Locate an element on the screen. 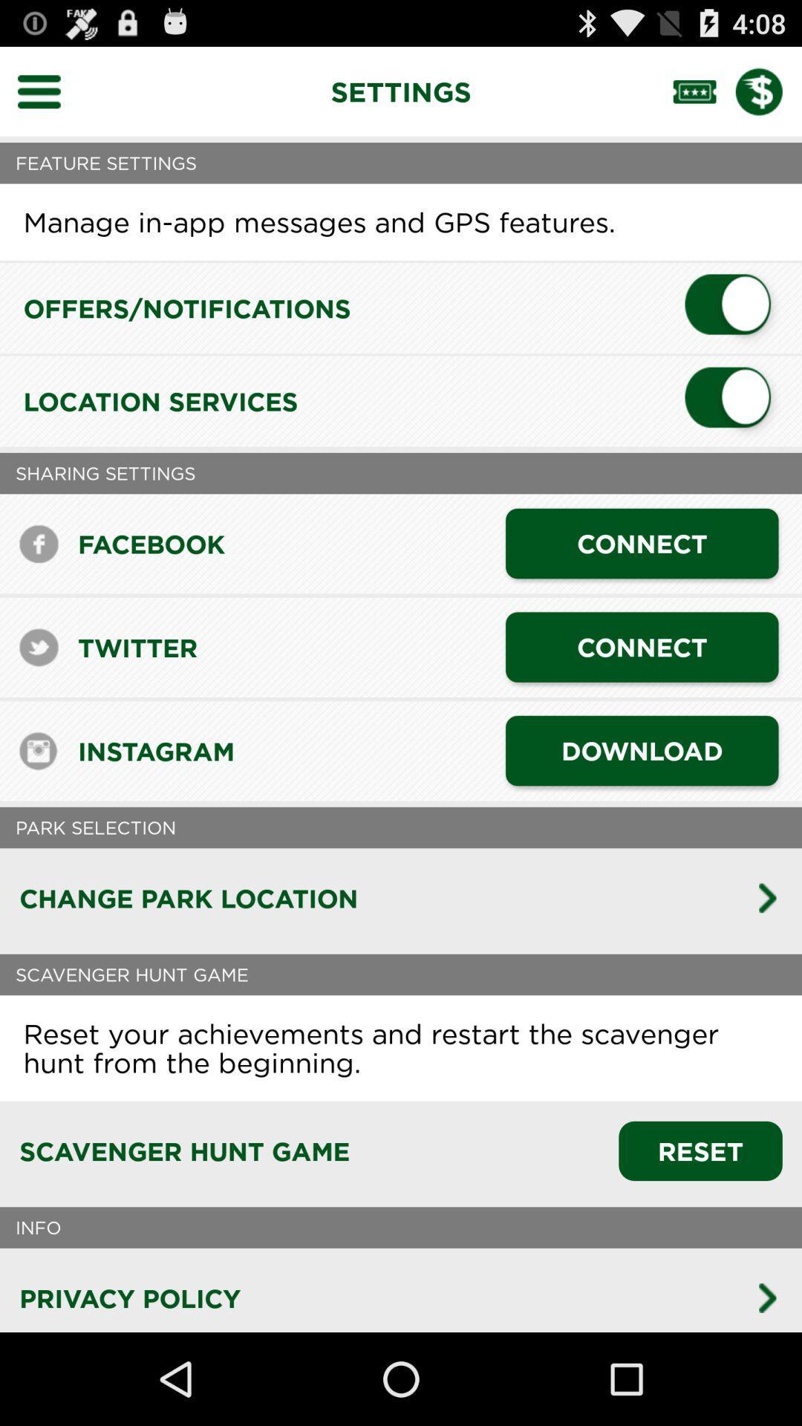  quick checkout is located at coordinates (769, 91).